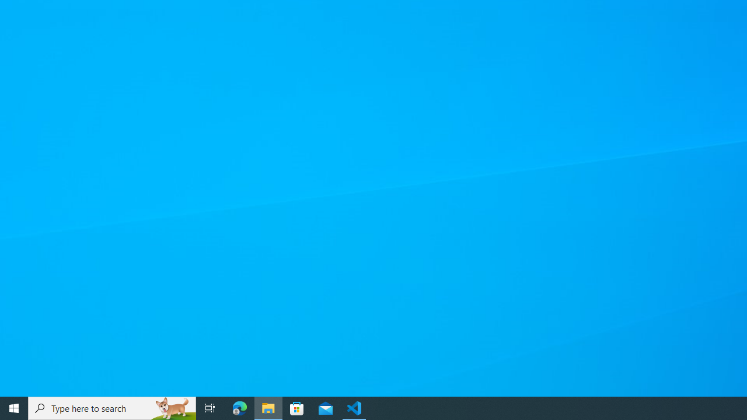 The image size is (747, 420). Describe the element at coordinates (354, 407) in the screenshot. I see `'Visual Studio Code - 1 running window'` at that location.